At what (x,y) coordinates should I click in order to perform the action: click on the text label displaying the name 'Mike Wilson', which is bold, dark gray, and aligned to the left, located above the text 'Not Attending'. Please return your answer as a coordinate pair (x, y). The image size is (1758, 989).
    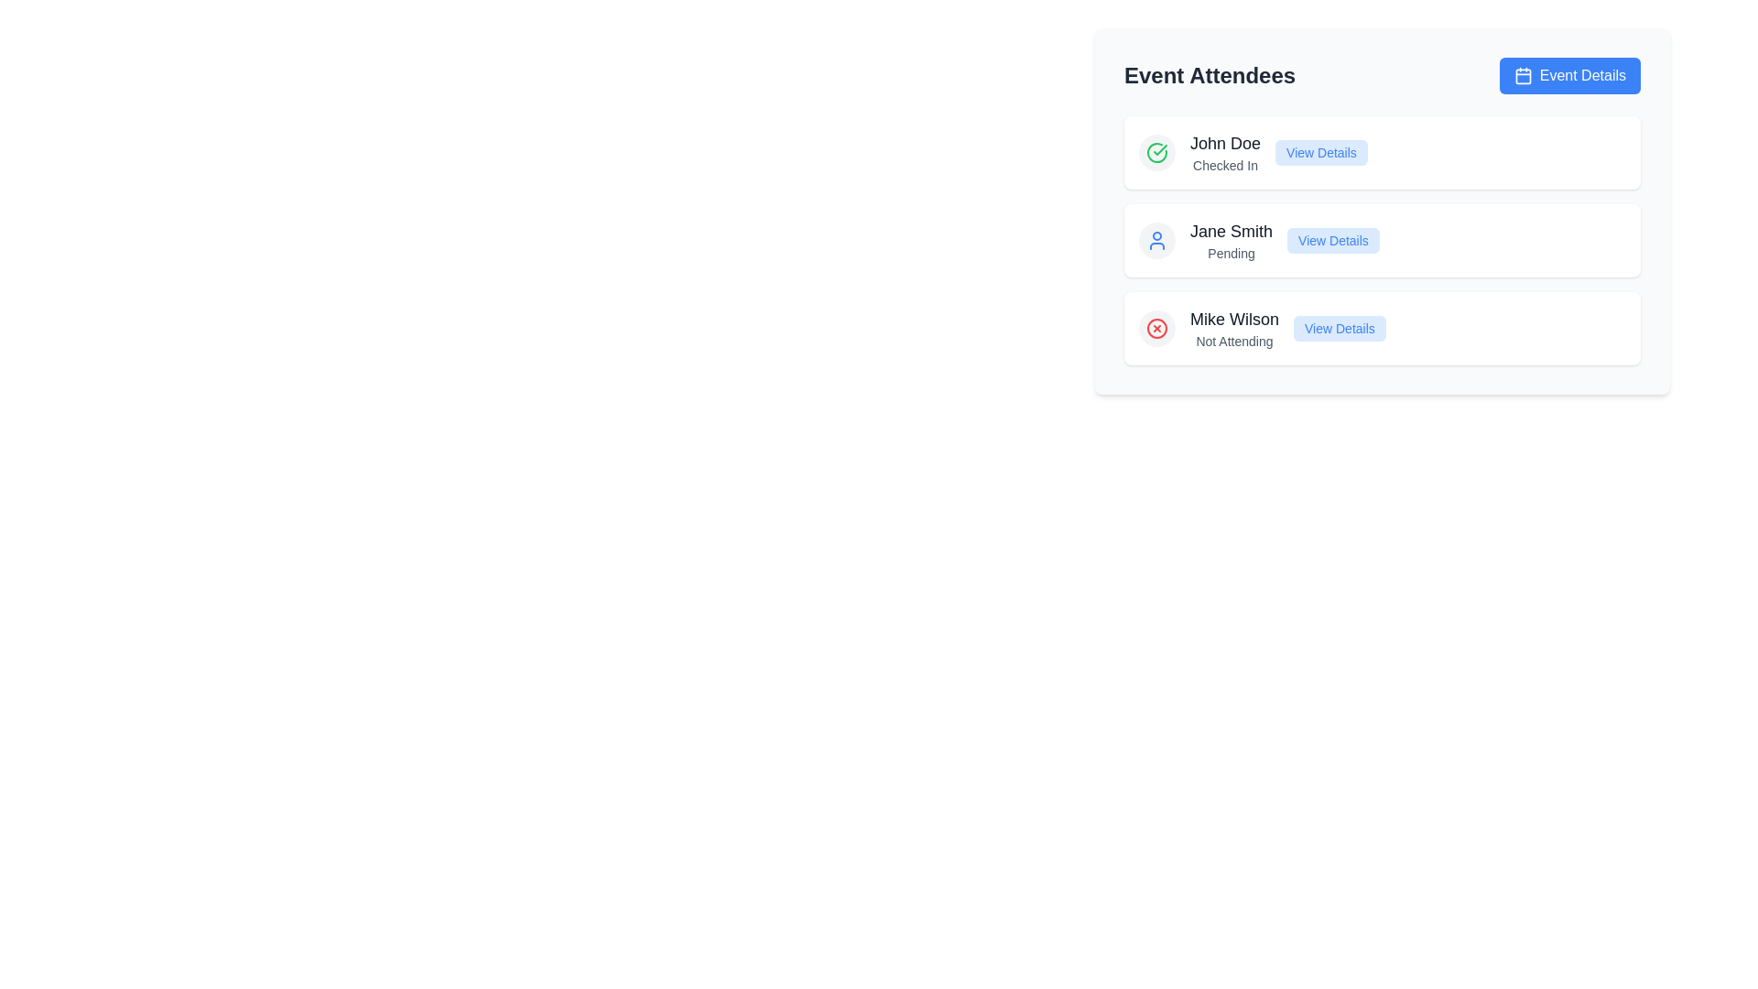
    Looking at the image, I should click on (1234, 318).